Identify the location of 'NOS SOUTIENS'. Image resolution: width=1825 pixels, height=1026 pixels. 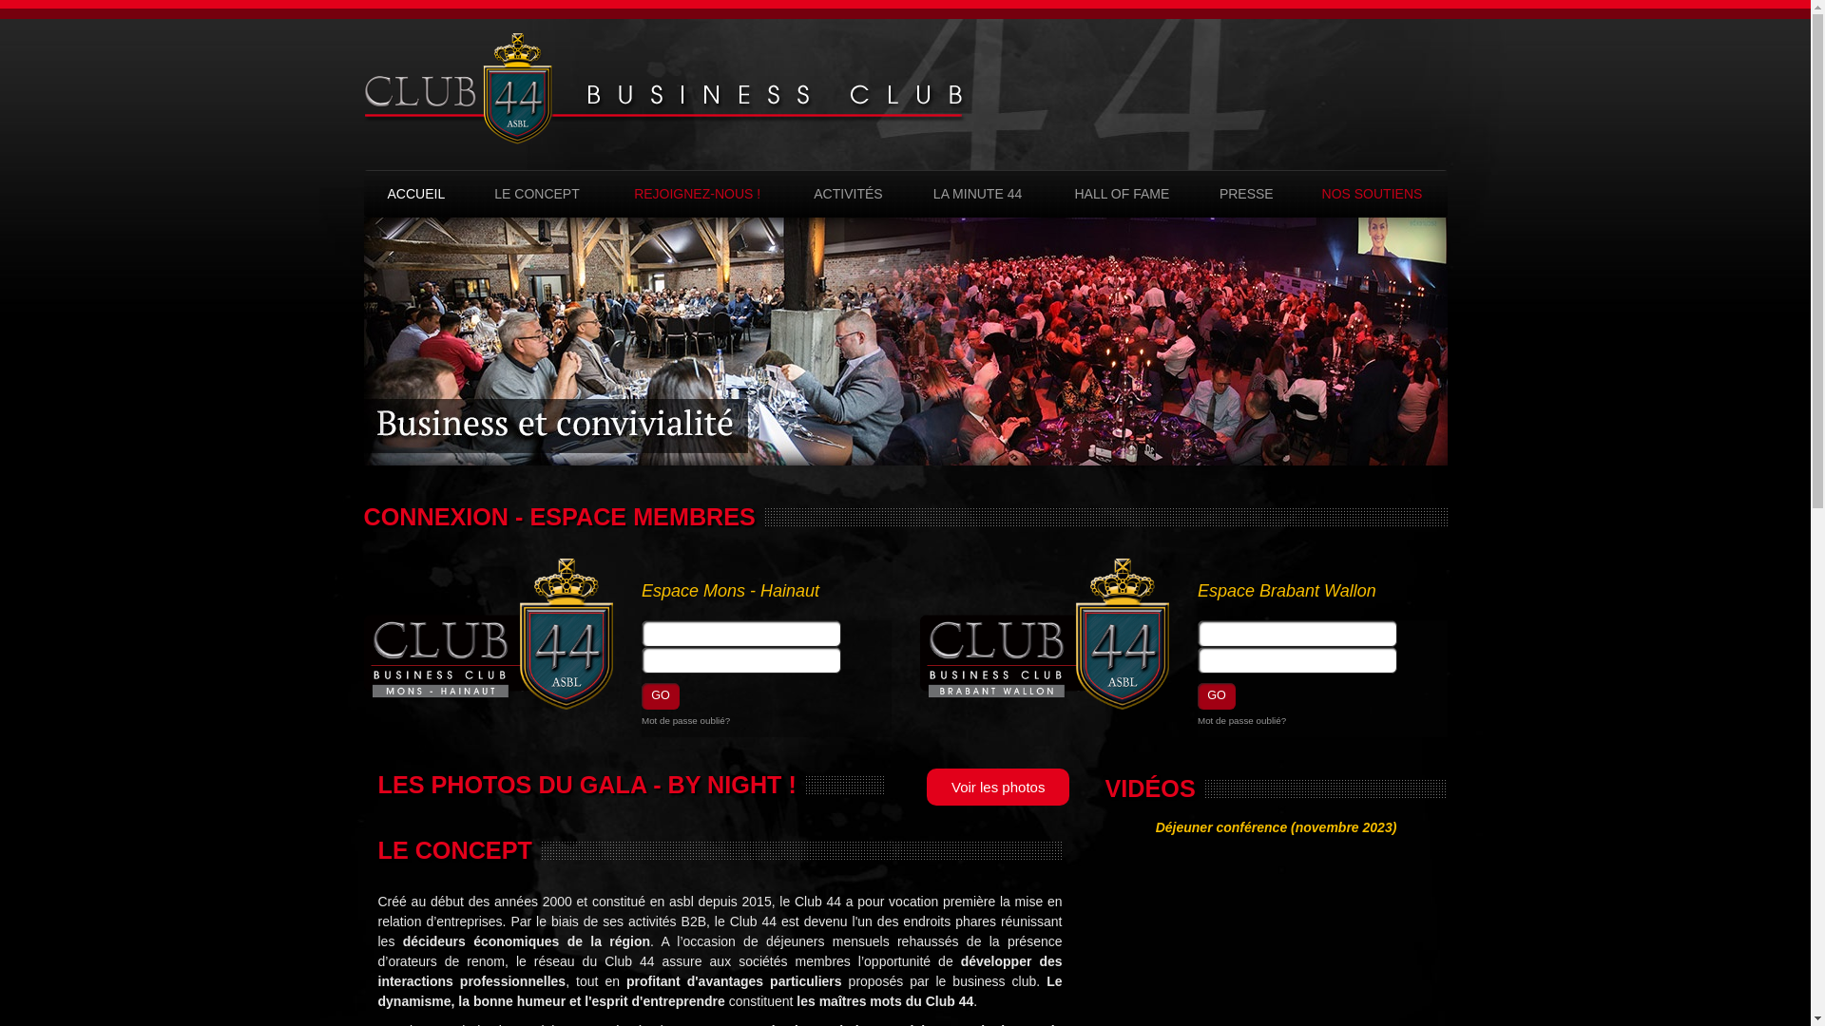
(1309, 194).